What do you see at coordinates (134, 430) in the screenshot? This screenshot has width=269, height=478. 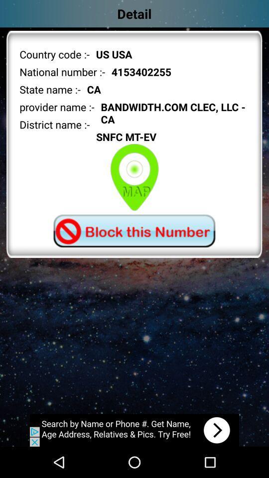 I see `advertisement for app to get information and pictures on people with arrow pointing to right` at bounding box center [134, 430].